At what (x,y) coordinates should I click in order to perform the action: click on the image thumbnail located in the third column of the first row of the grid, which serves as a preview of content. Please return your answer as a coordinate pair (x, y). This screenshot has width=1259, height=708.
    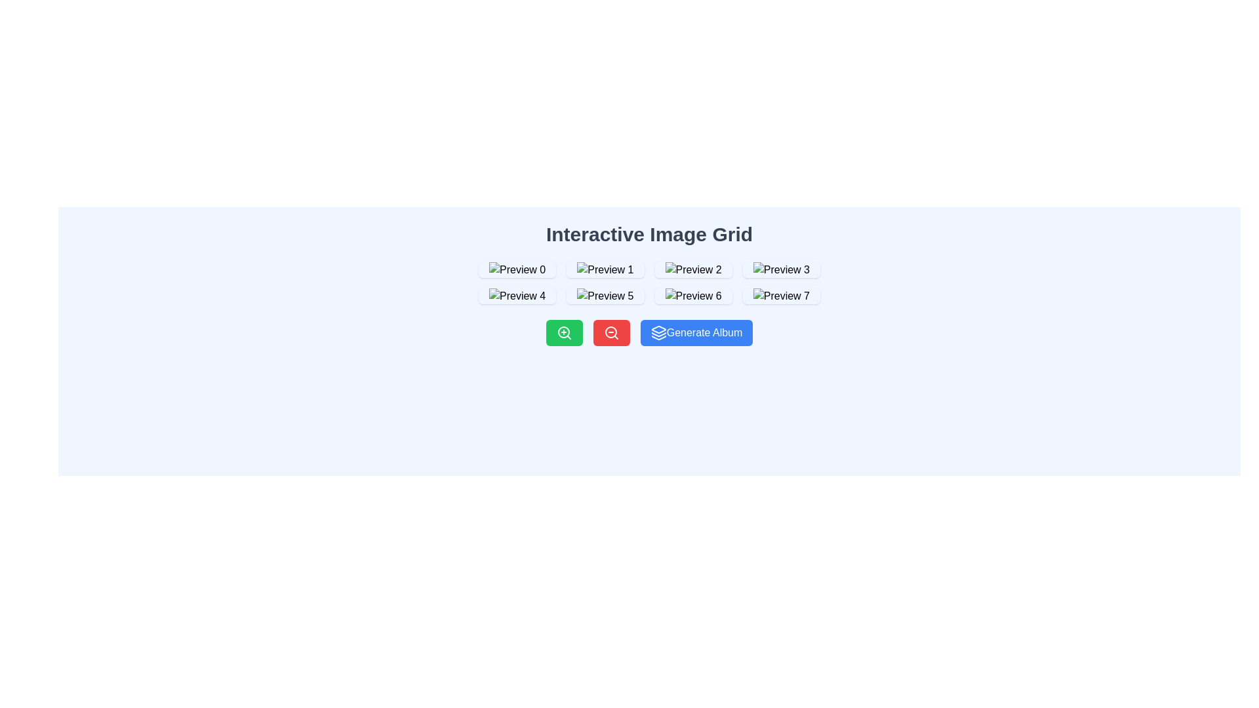
    Looking at the image, I should click on (692, 269).